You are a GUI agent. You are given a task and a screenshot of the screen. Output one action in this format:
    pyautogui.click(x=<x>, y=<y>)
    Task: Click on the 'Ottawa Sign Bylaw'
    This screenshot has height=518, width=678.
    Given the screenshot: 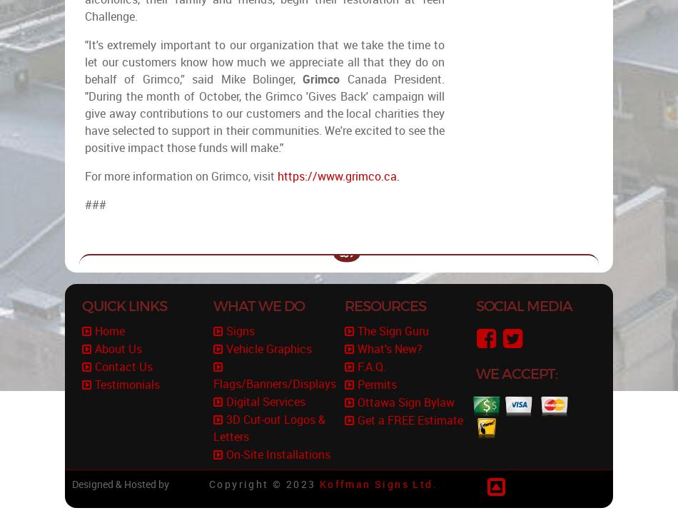 What is the action you would take?
    pyautogui.click(x=405, y=402)
    